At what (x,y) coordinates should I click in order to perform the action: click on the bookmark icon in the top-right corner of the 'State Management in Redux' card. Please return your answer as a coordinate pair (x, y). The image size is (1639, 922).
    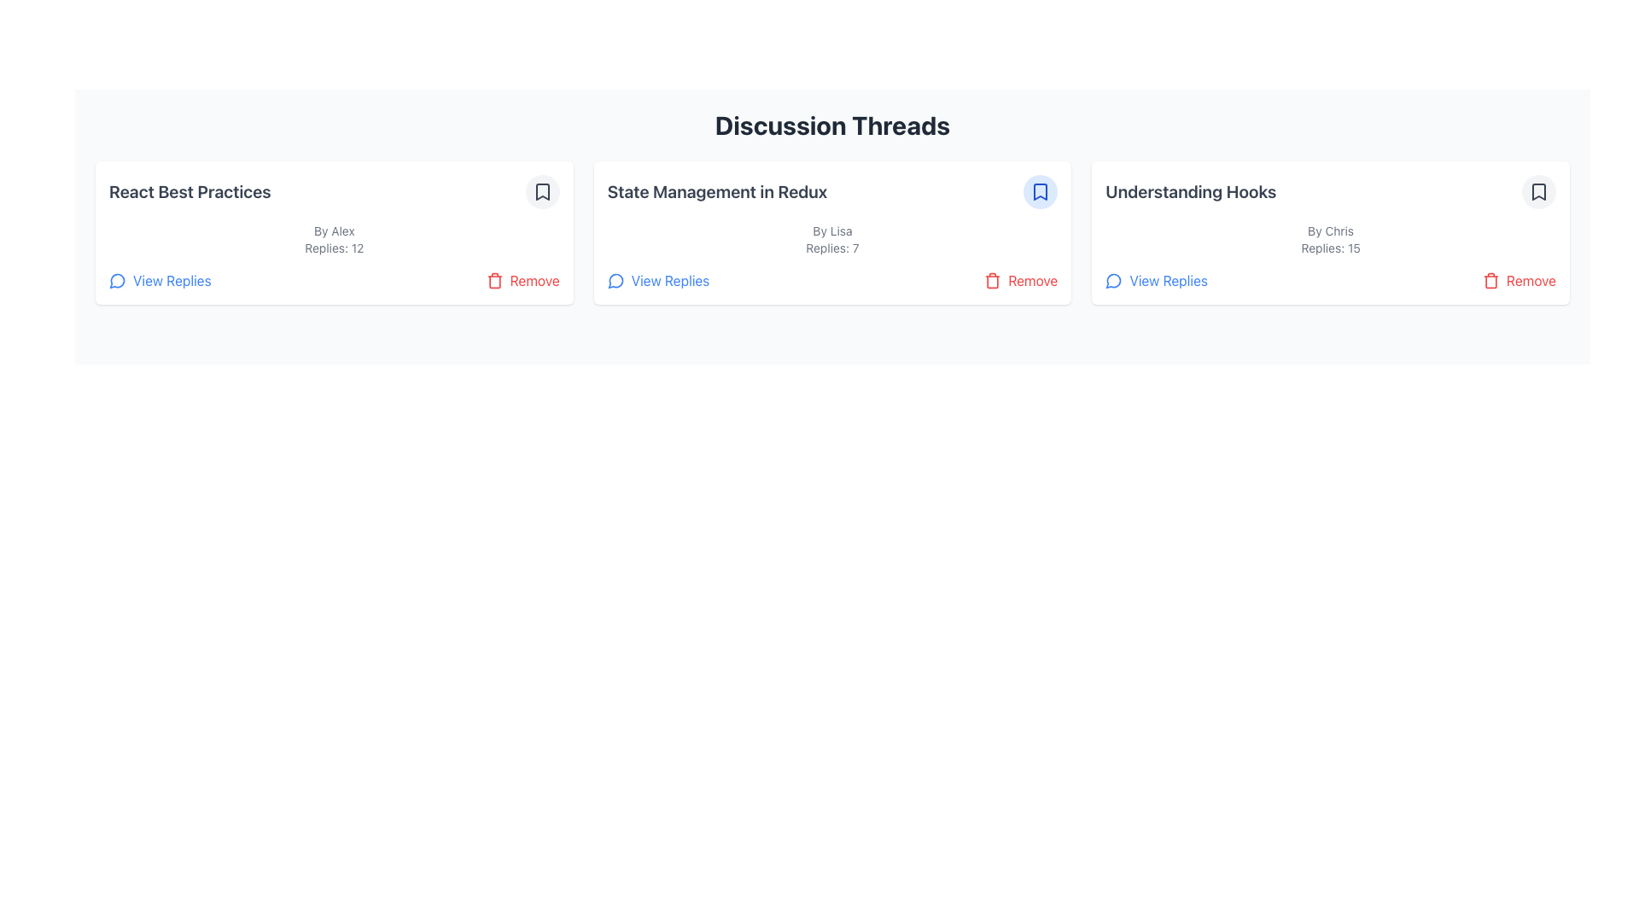
    Looking at the image, I should click on (1040, 191).